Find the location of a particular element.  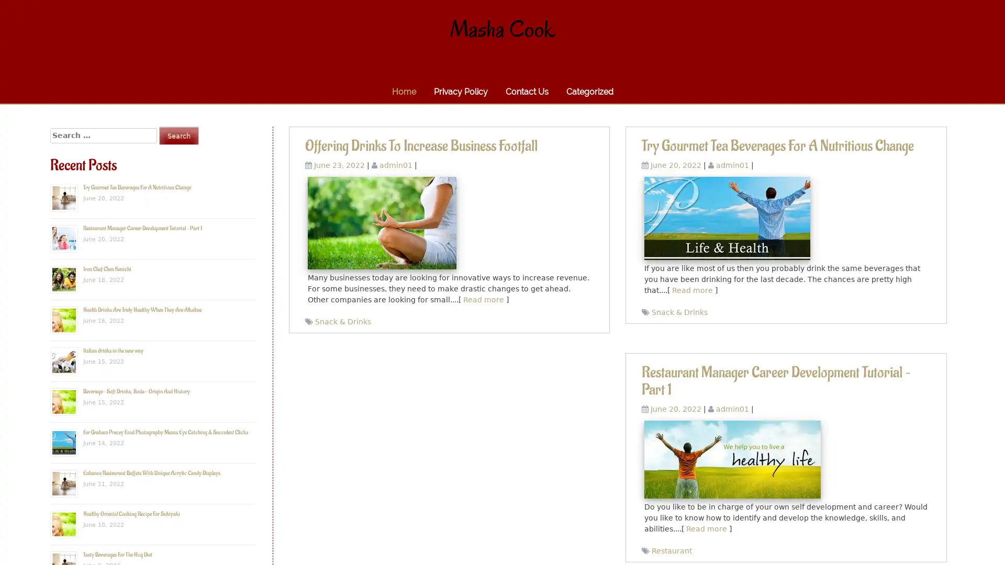

Search is located at coordinates (178, 135).